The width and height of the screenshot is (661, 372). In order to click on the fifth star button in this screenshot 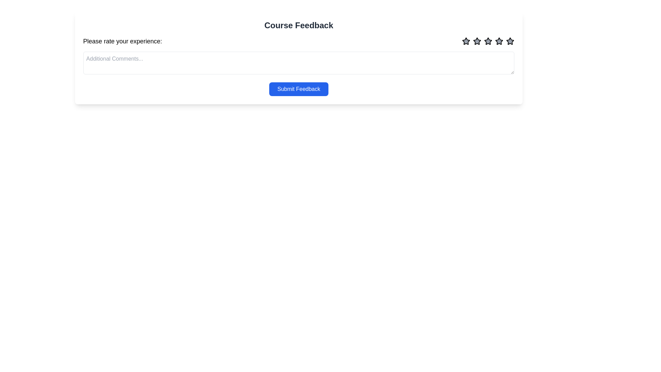, I will do `click(510, 41)`.